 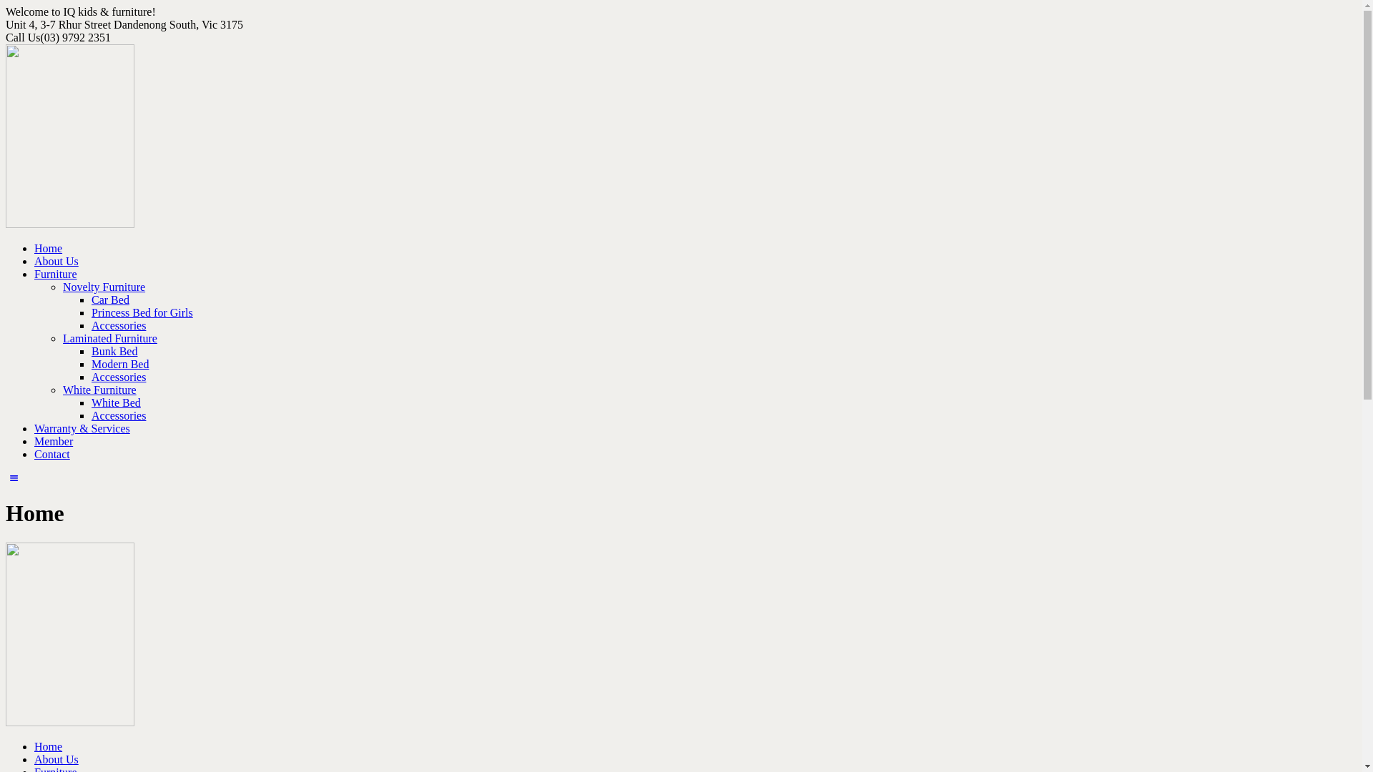 What do you see at coordinates (34, 261) in the screenshot?
I see `'About Us'` at bounding box center [34, 261].